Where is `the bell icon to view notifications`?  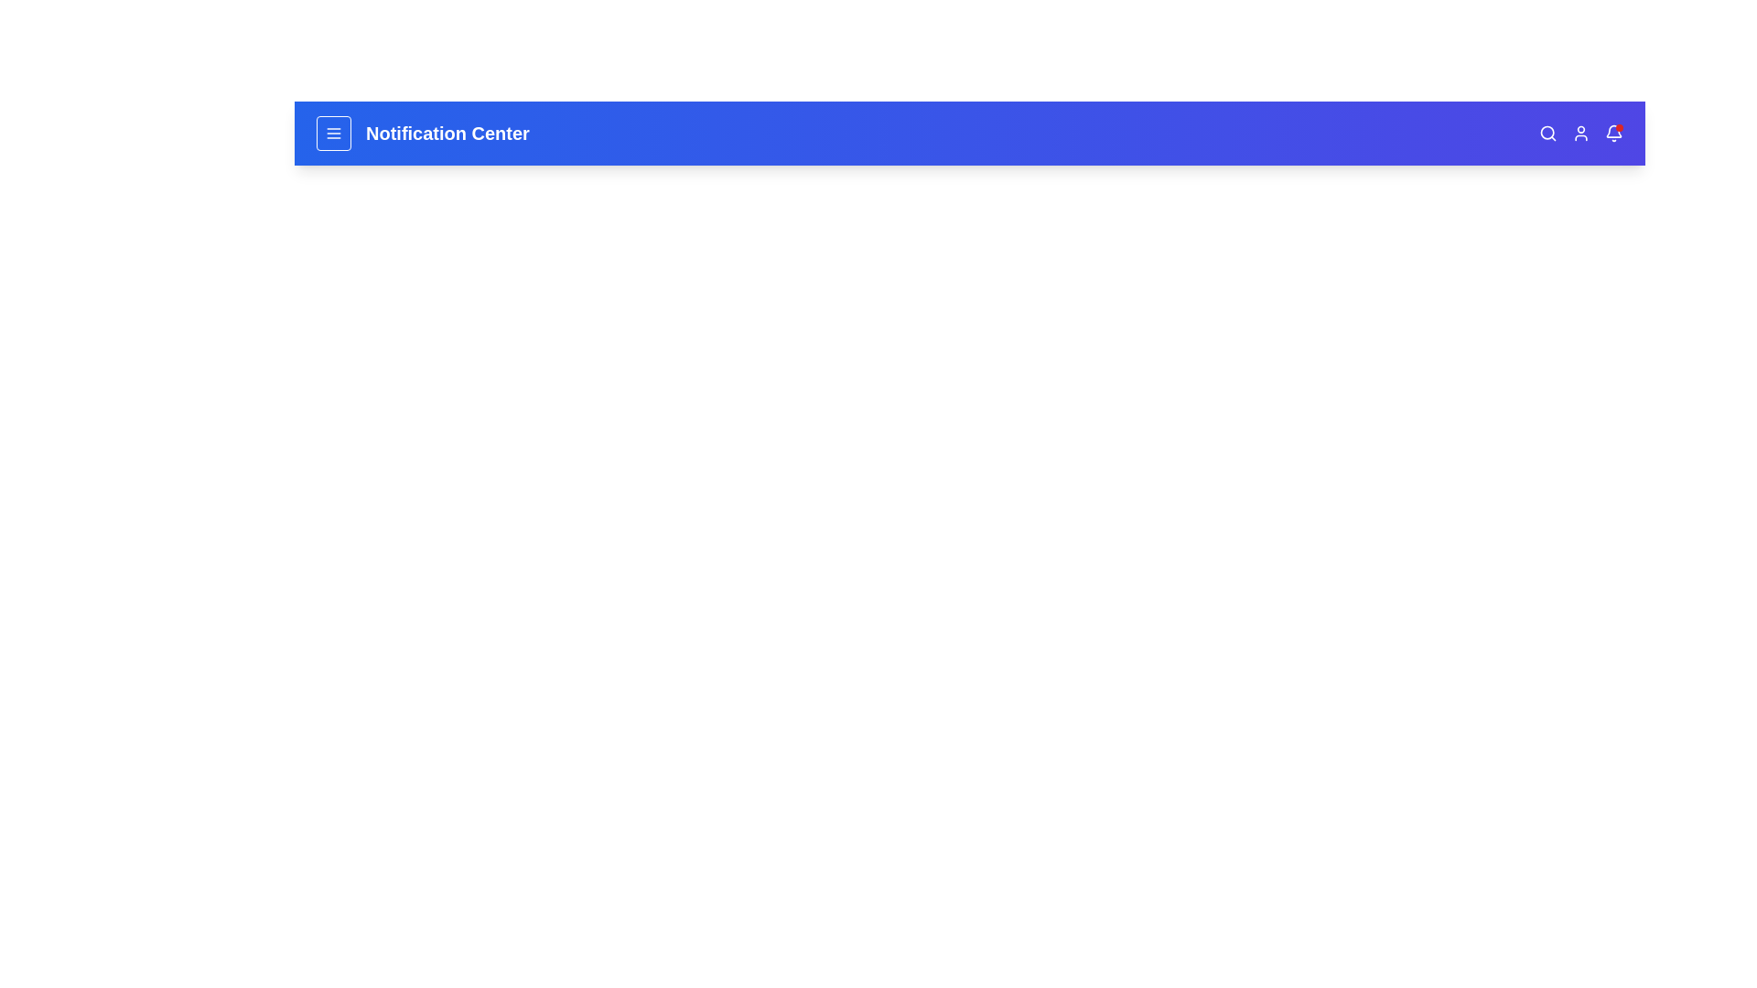 the bell icon to view notifications is located at coordinates (1613, 133).